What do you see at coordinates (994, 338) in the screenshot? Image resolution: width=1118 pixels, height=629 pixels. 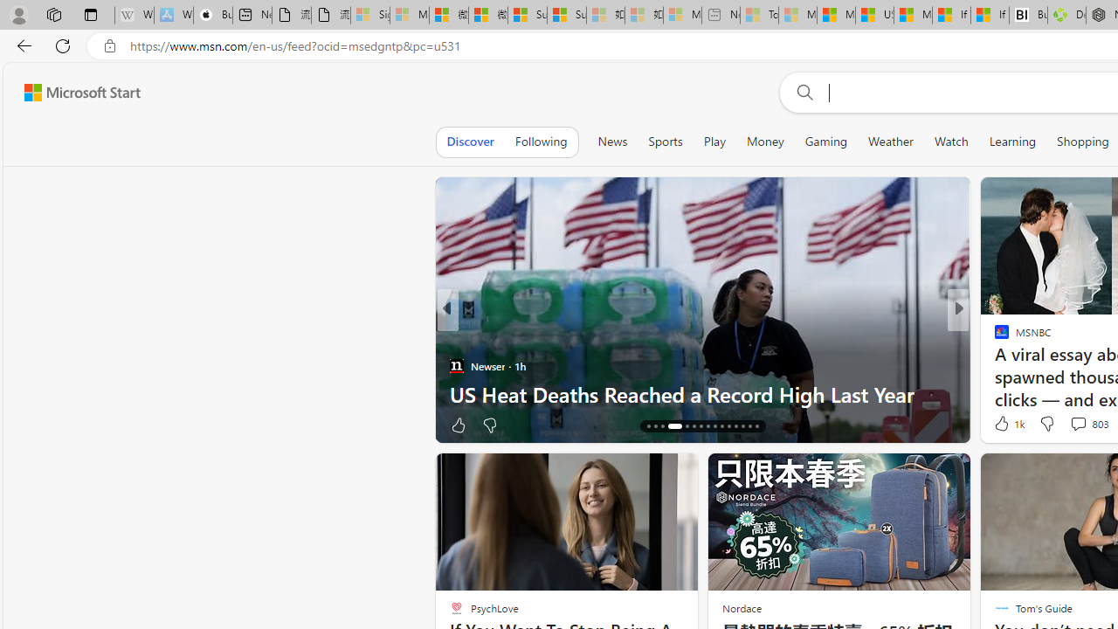 I see `'Nature of Home'` at bounding box center [994, 338].